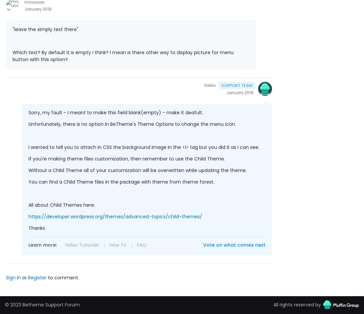  What do you see at coordinates (45, 29) in the screenshot?
I see `'"leave the simply text there"'` at bounding box center [45, 29].